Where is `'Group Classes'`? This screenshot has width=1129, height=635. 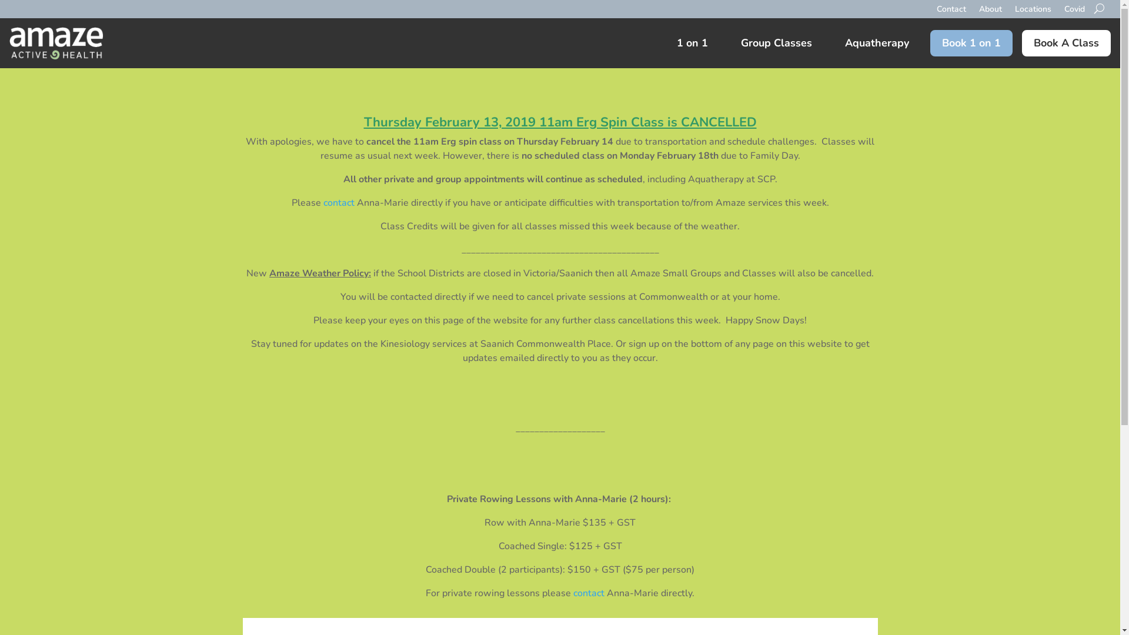
'Group Classes' is located at coordinates (776, 42).